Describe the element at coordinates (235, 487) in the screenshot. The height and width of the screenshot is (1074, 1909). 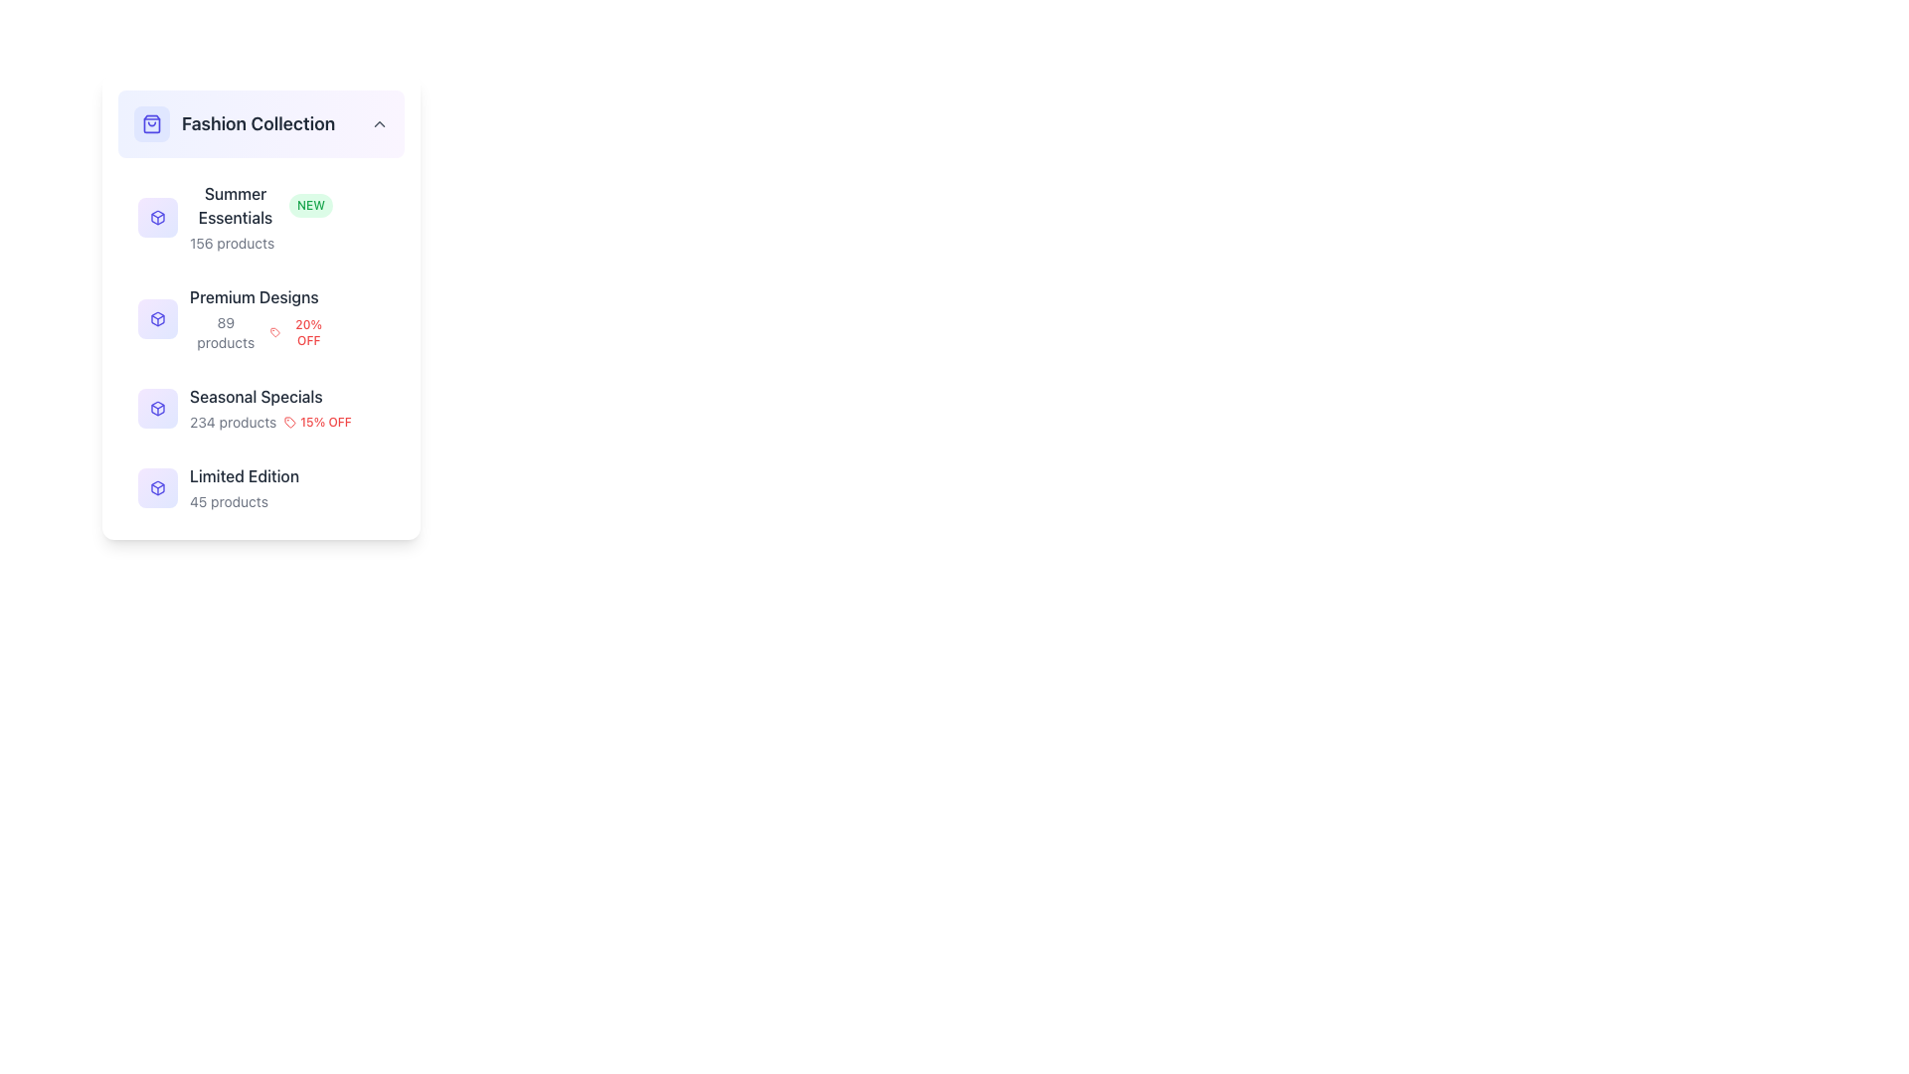
I see `the list item labeled 'Limited Edition' which contains an icon of a stylized box and subtext '45 products'` at that location.